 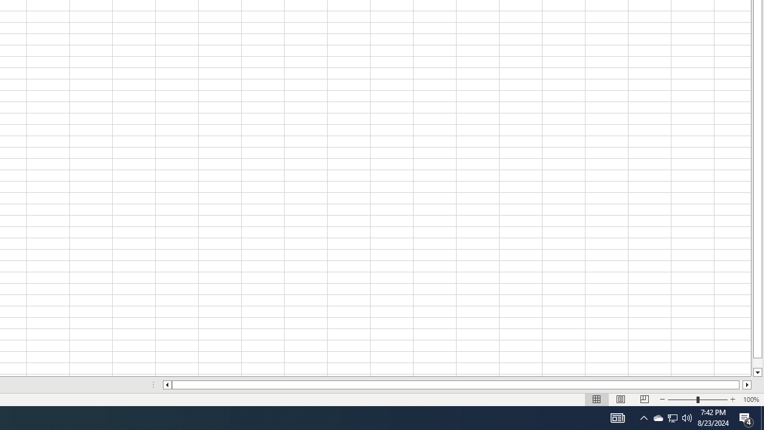 What do you see at coordinates (740, 385) in the screenshot?
I see `'Page right'` at bounding box center [740, 385].